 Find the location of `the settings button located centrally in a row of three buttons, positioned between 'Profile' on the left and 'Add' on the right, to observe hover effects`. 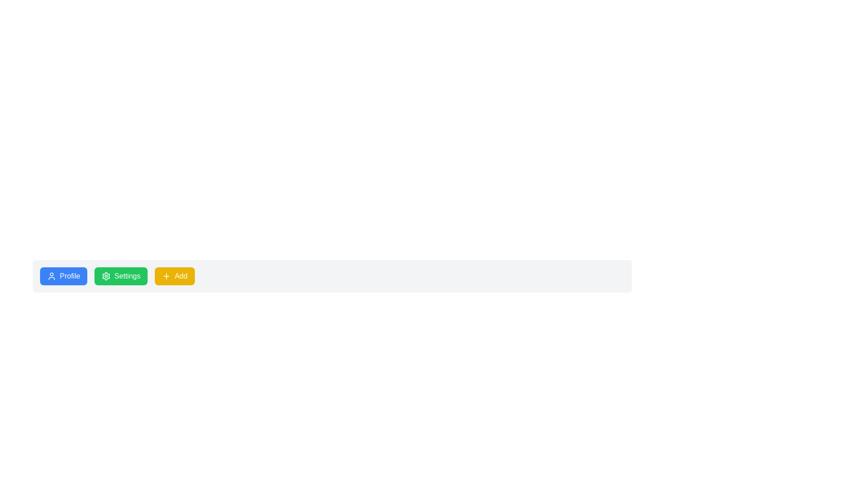

the settings button located centrally in a row of three buttons, positioned between 'Profile' on the left and 'Add' on the right, to observe hover effects is located at coordinates (121, 275).